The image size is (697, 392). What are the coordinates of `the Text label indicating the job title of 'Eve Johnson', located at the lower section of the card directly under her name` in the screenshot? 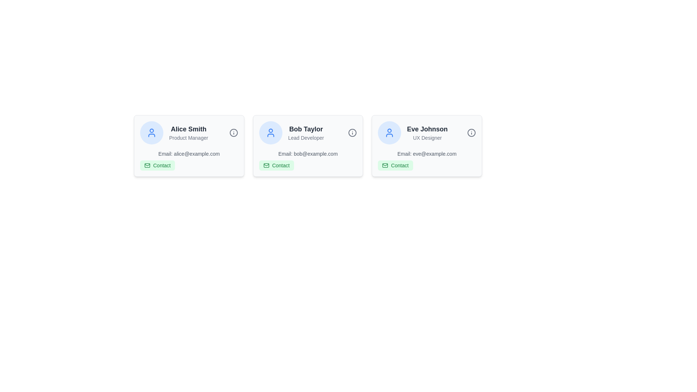 It's located at (427, 138).